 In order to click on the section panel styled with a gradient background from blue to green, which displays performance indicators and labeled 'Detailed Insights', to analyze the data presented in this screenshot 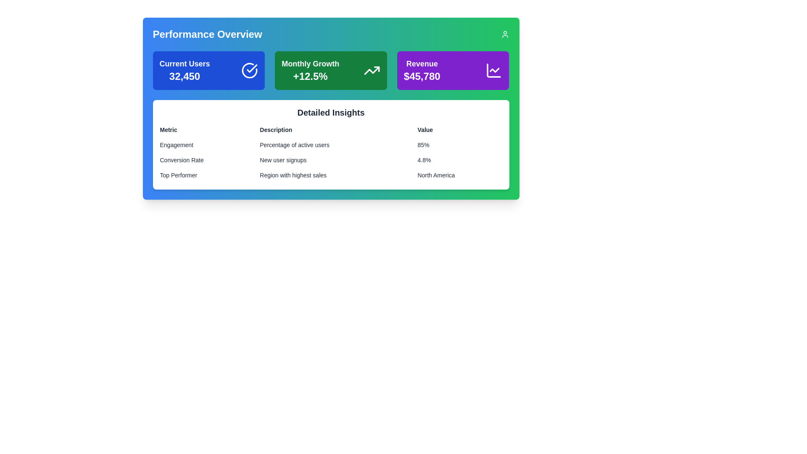, I will do `click(330, 108)`.